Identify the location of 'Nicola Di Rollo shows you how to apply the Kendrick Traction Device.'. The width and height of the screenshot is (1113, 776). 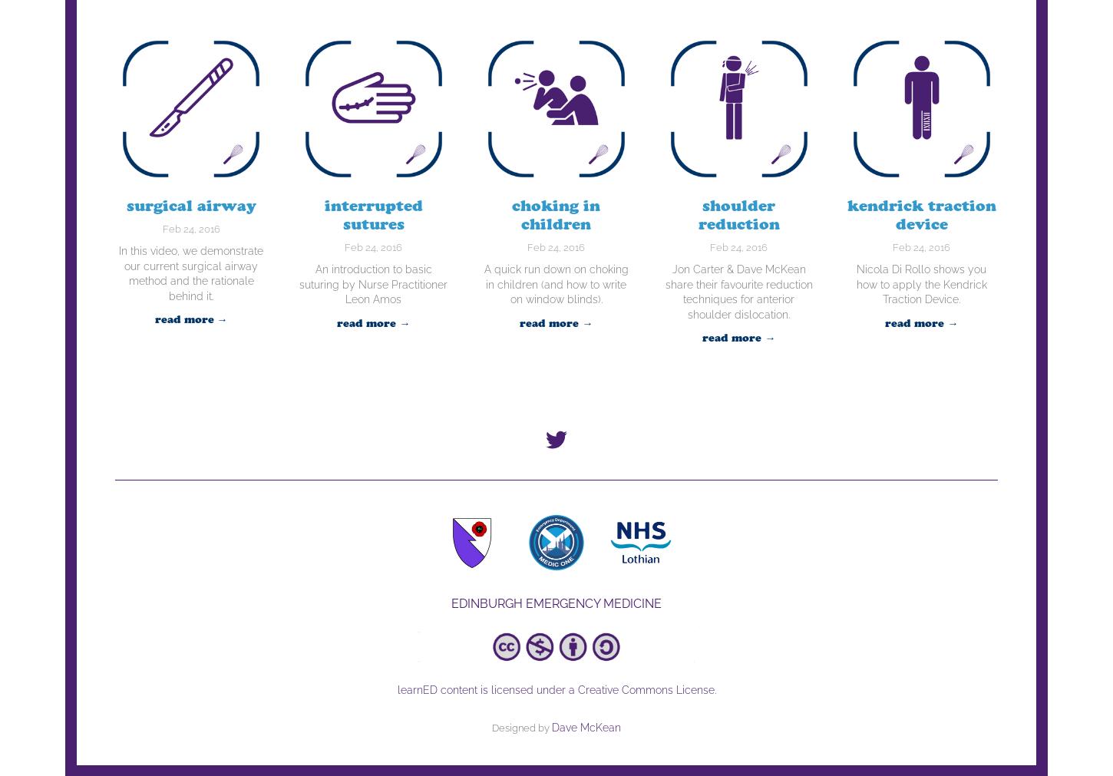
(920, 283).